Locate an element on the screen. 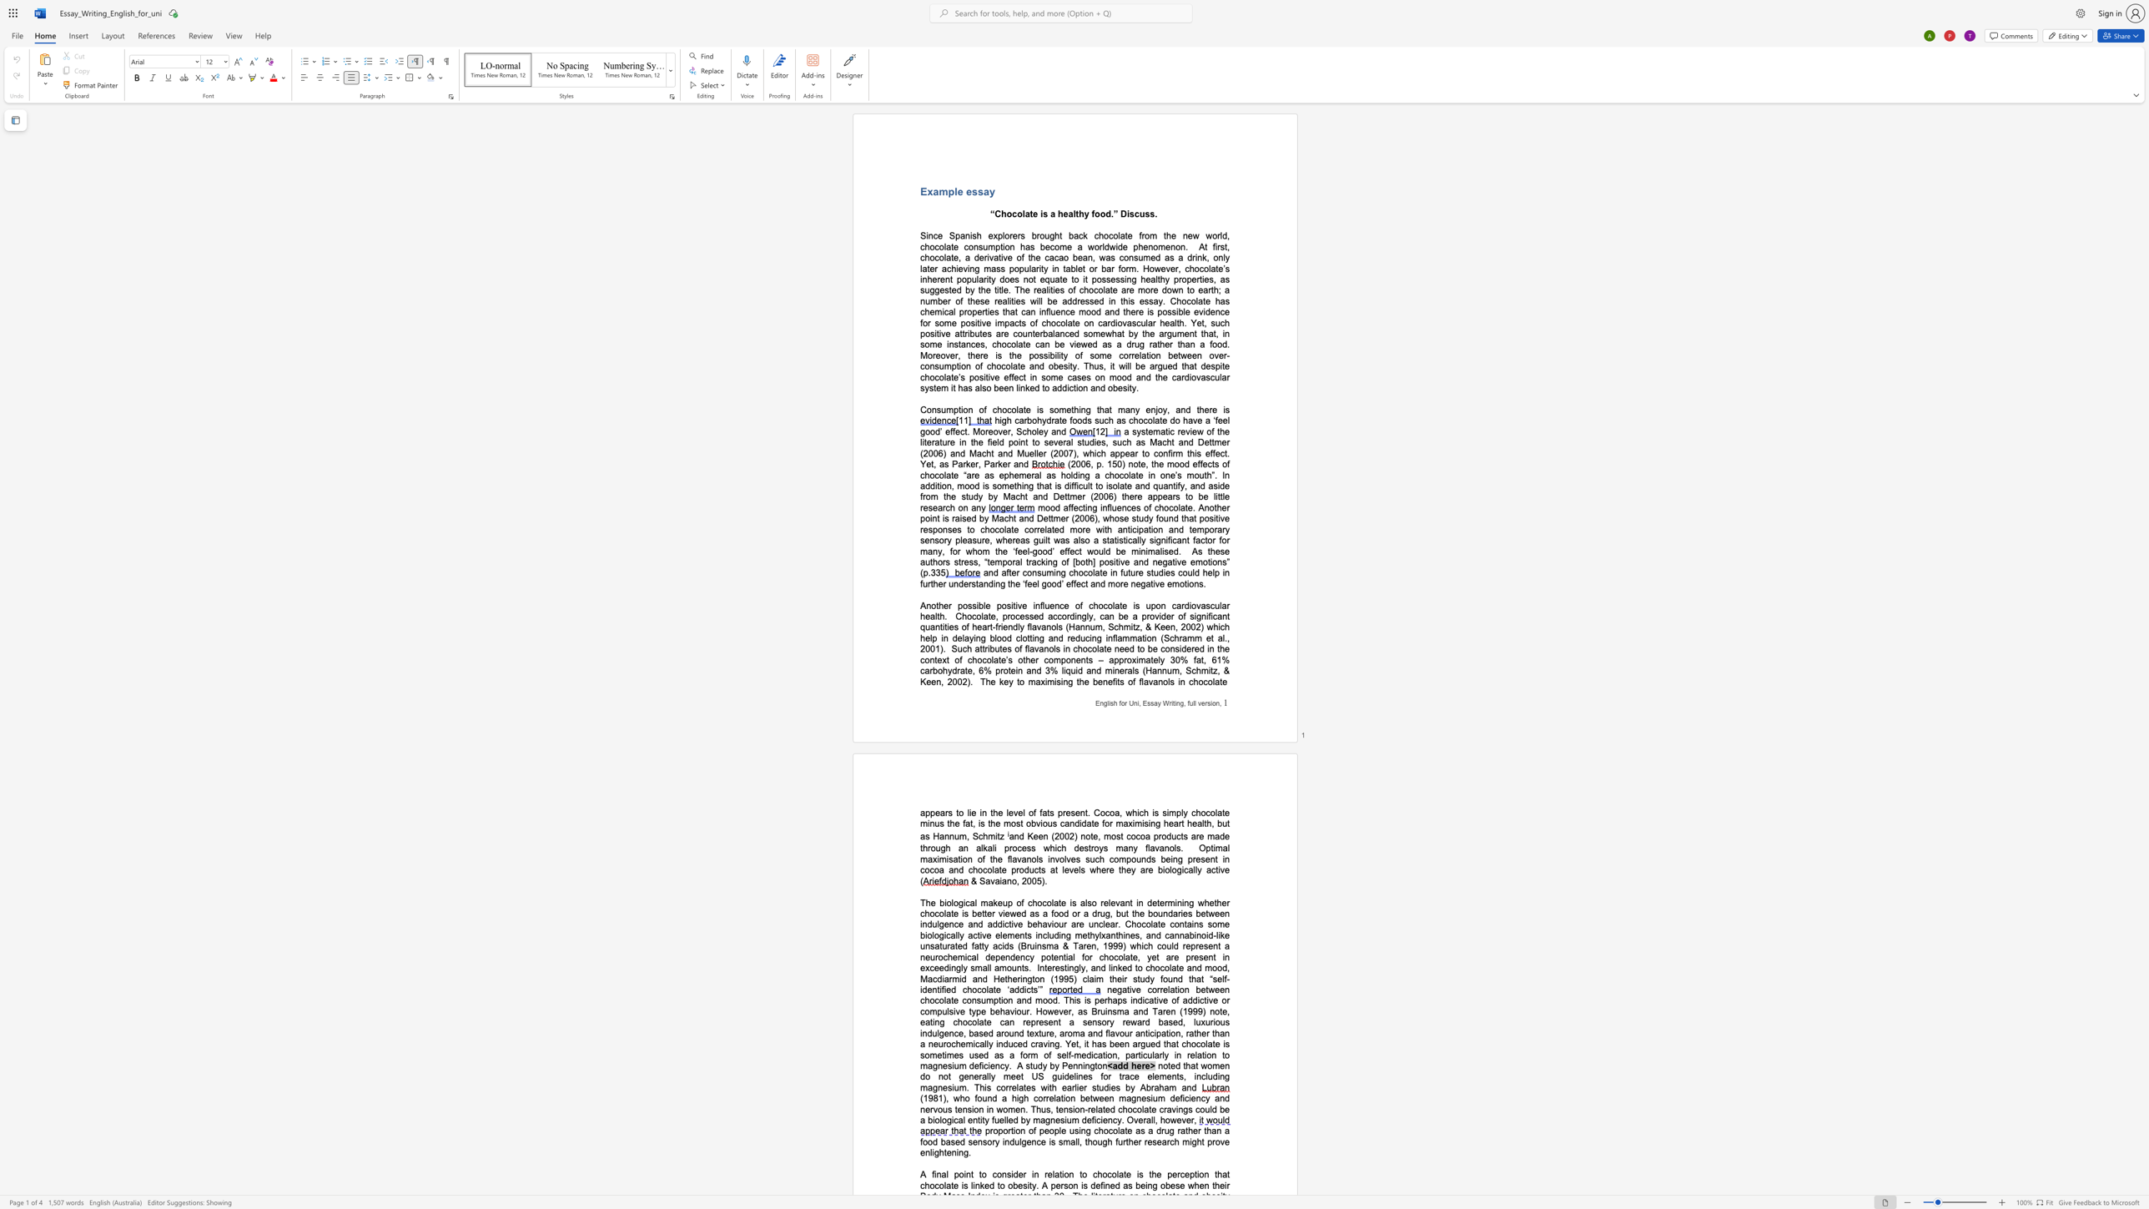 The image size is (2149, 1209). the space between the continuous character "o" and "y" in the text is located at coordinates (1161, 409).